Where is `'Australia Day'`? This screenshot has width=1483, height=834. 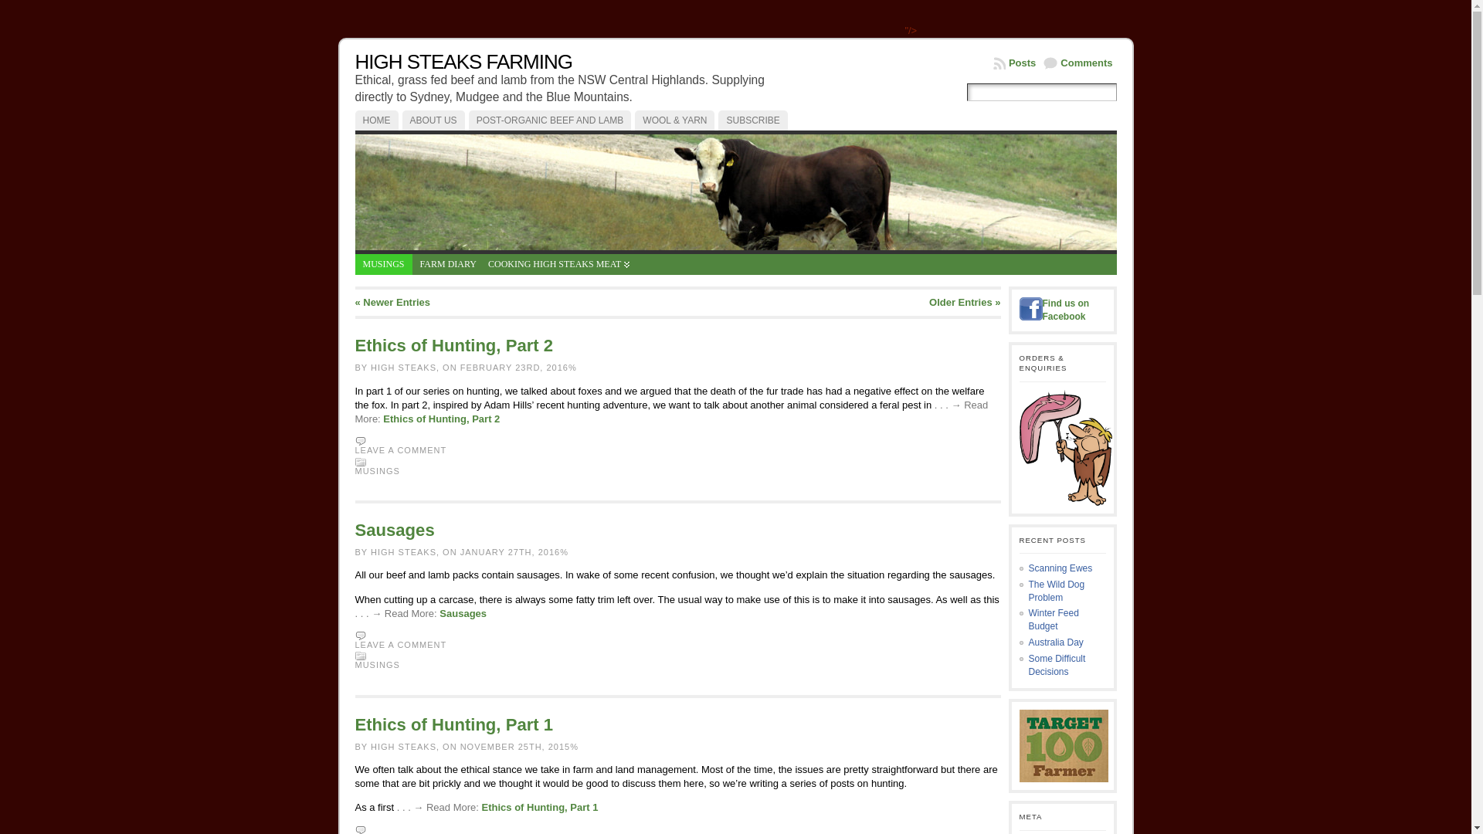
'Australia Day' is located at coordinates (1055, 642).